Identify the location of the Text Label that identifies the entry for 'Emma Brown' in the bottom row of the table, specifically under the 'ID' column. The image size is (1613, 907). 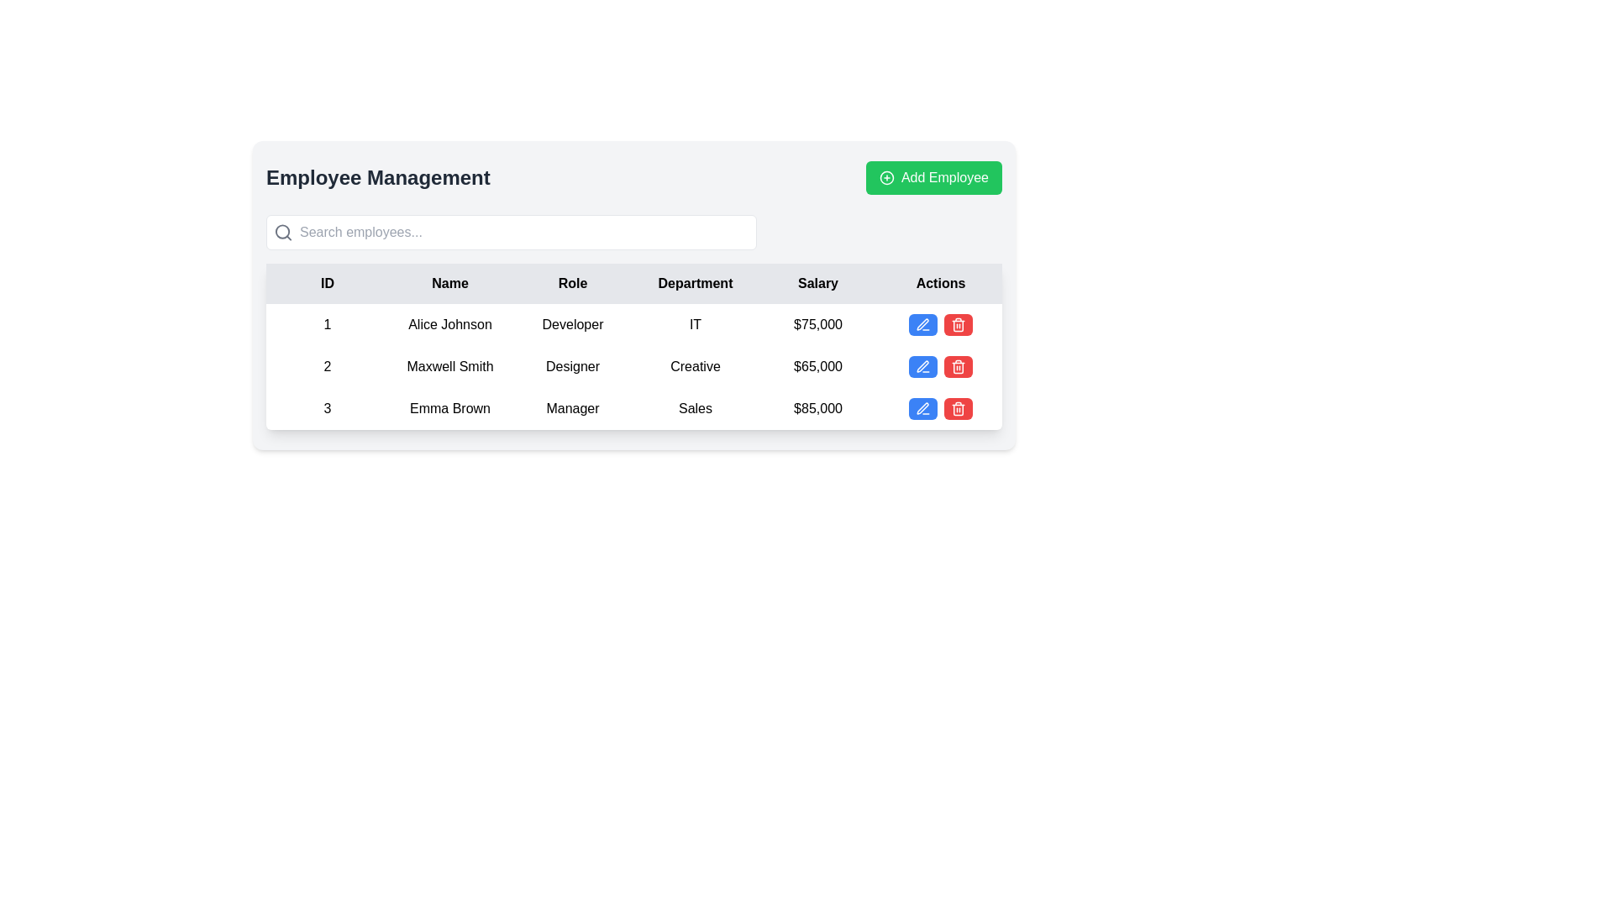
(327, 408).